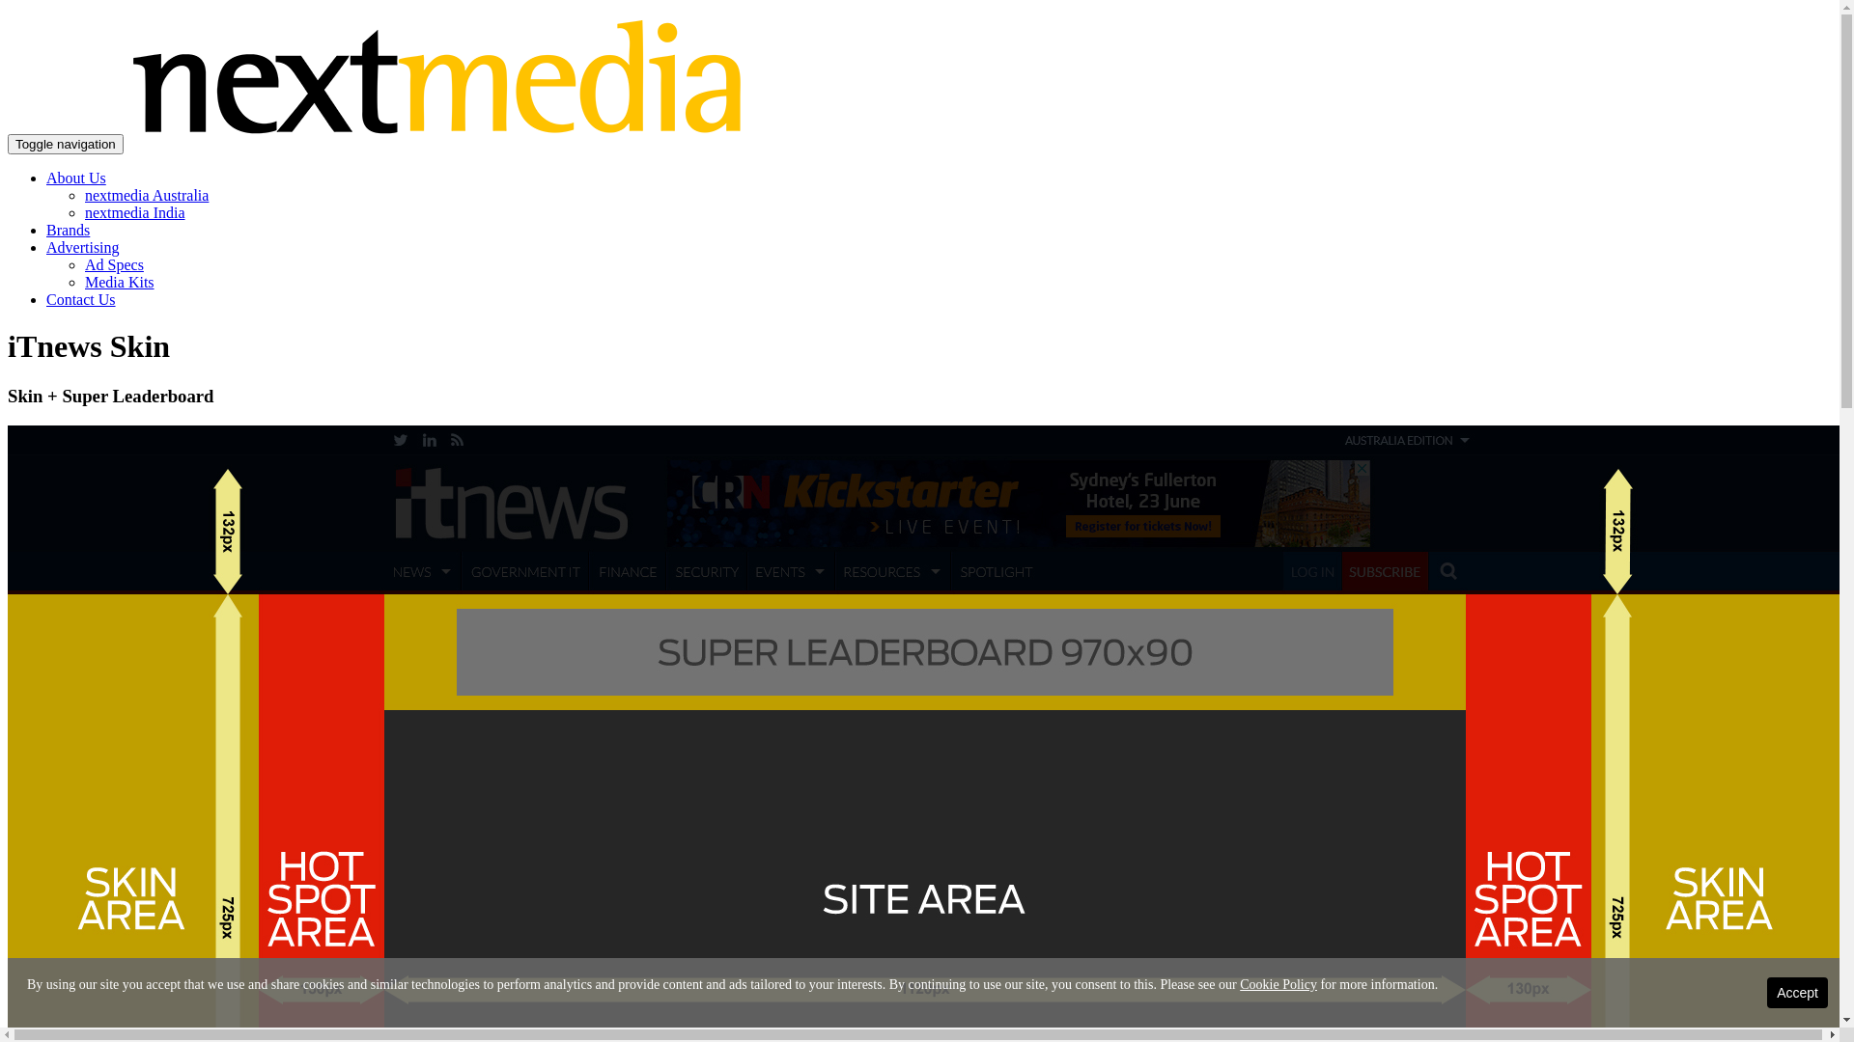 Image resolution: width=1854 pixels, height=1042 pixels. What do you see at coordinates (82, 246) in the screenshot?
I see `'Advertising'` at bounding box center [82, 246].